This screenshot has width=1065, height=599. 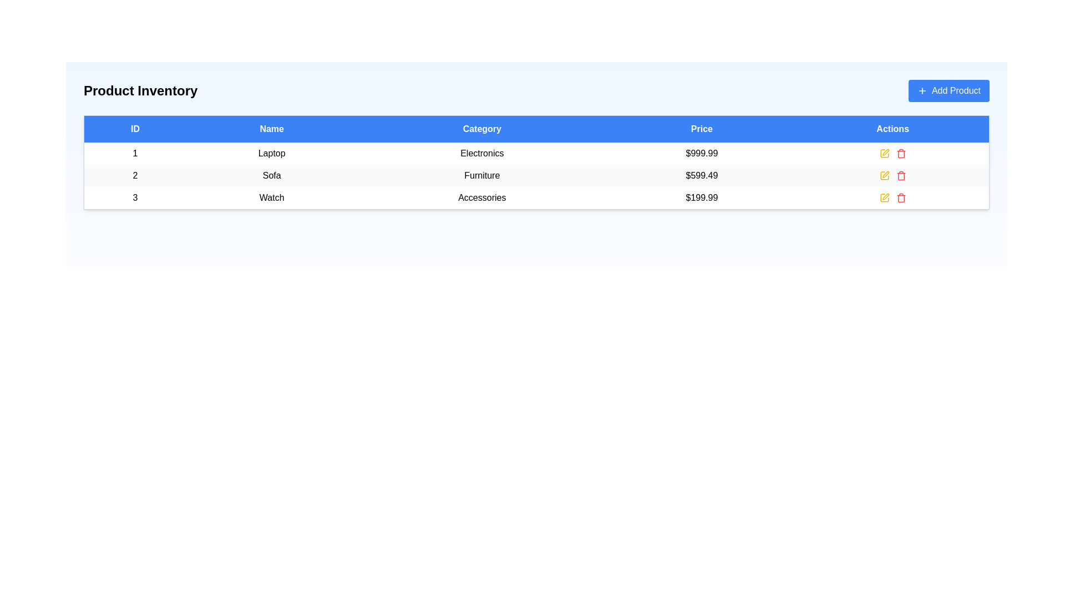 What do you see at coordinates (922, 90) in the screenshot?
I see `the SVG icon representing the action of adding or creating an item, which is located inside the 'Add Product' button at the top right corner of the layout` at bounding box center [922, 90].